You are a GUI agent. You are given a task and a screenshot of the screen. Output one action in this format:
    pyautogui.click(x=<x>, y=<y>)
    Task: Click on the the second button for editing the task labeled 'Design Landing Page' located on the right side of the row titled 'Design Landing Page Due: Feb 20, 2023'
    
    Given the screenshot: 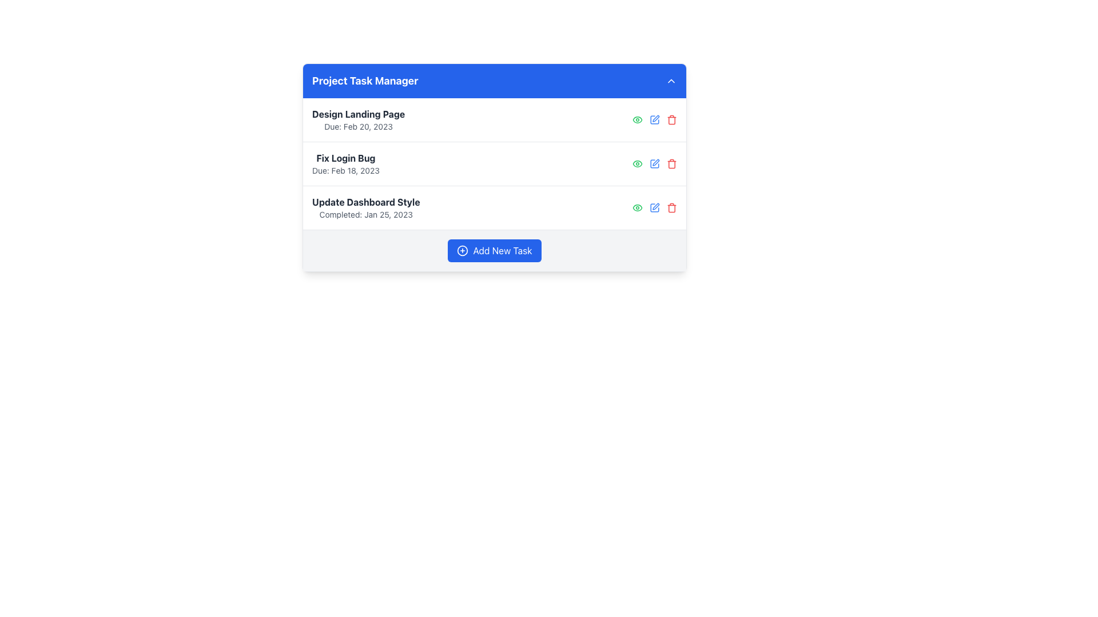 What is the action you would take?
    pyautogui.click(x=655, y=119)
    